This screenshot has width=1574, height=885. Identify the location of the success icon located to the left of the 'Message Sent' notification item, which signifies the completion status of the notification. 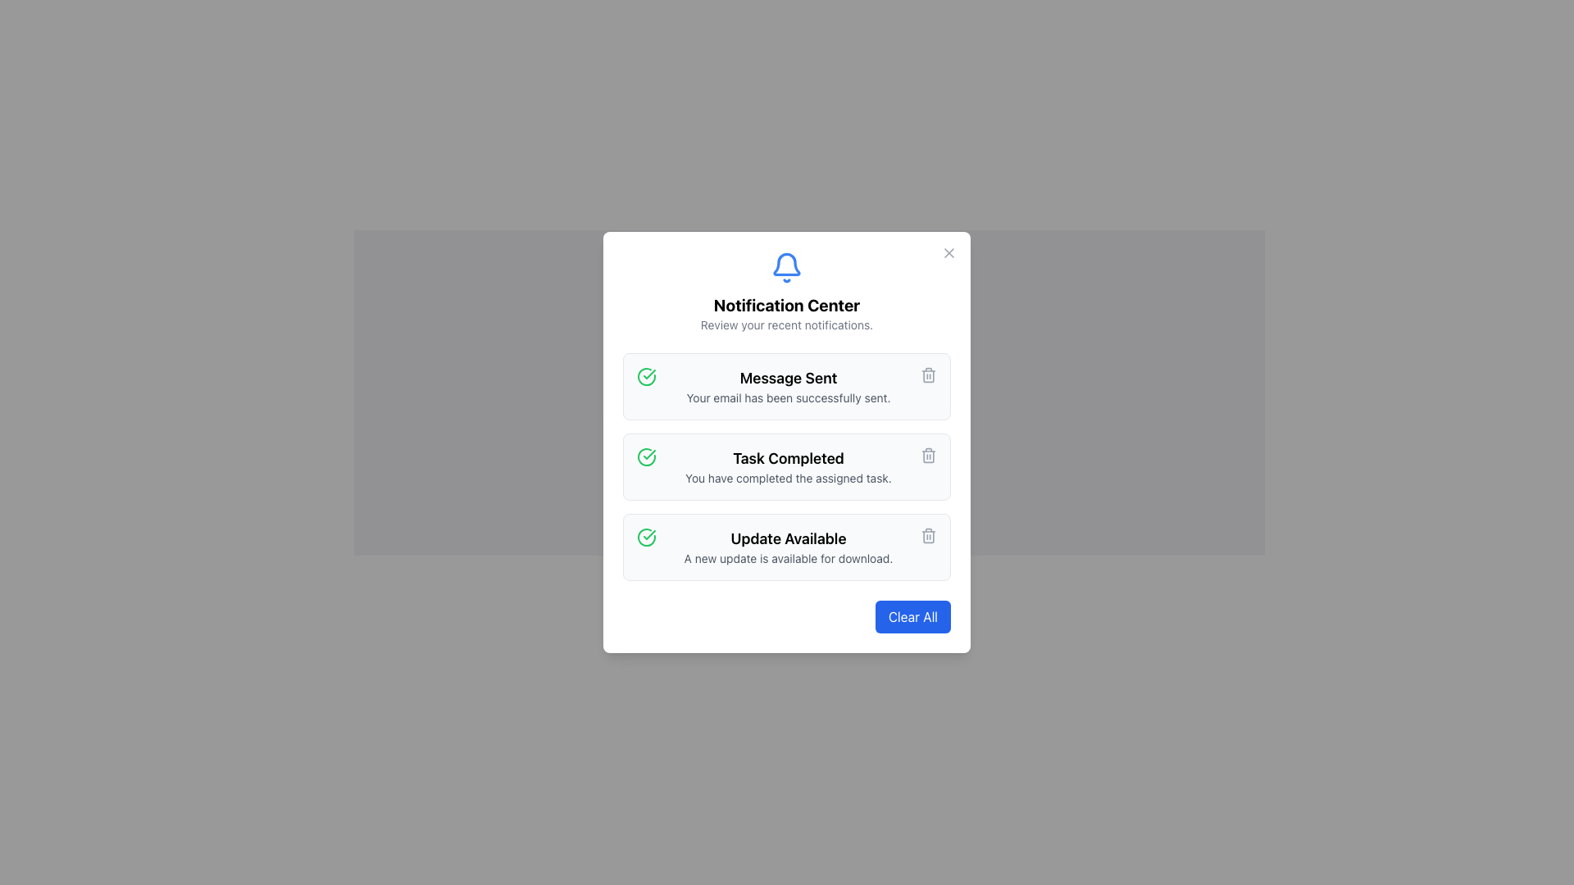
(645, 376).